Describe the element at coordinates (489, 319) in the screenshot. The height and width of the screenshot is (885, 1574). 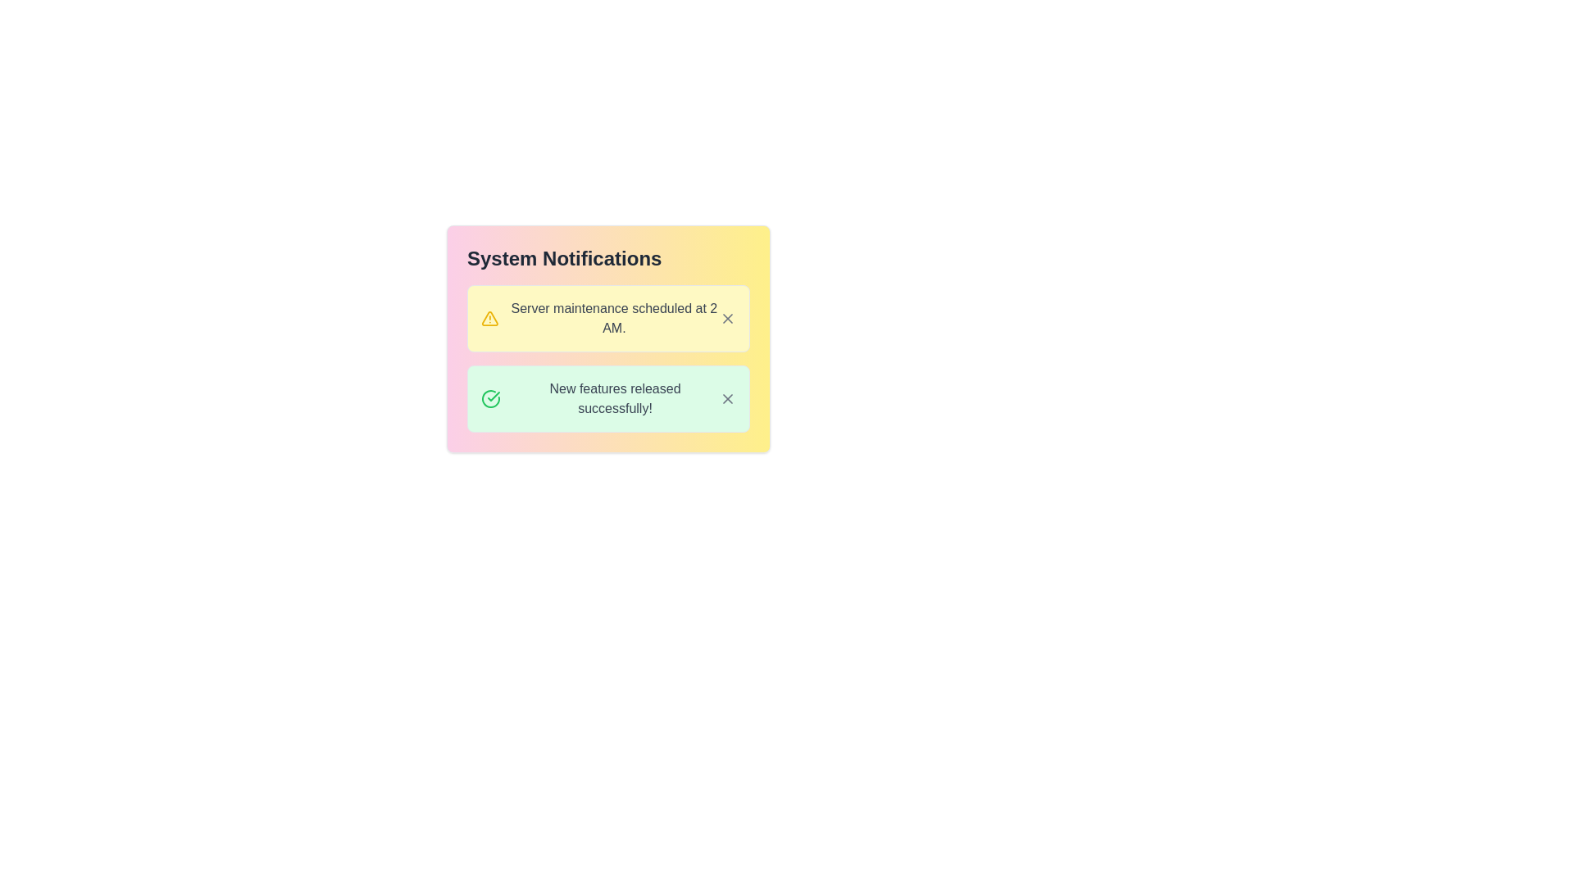
I see `the triangular warning icon located on the left side of the notification banner for the message 'Server maintenance scheduled at 2 AM.'` at that location.